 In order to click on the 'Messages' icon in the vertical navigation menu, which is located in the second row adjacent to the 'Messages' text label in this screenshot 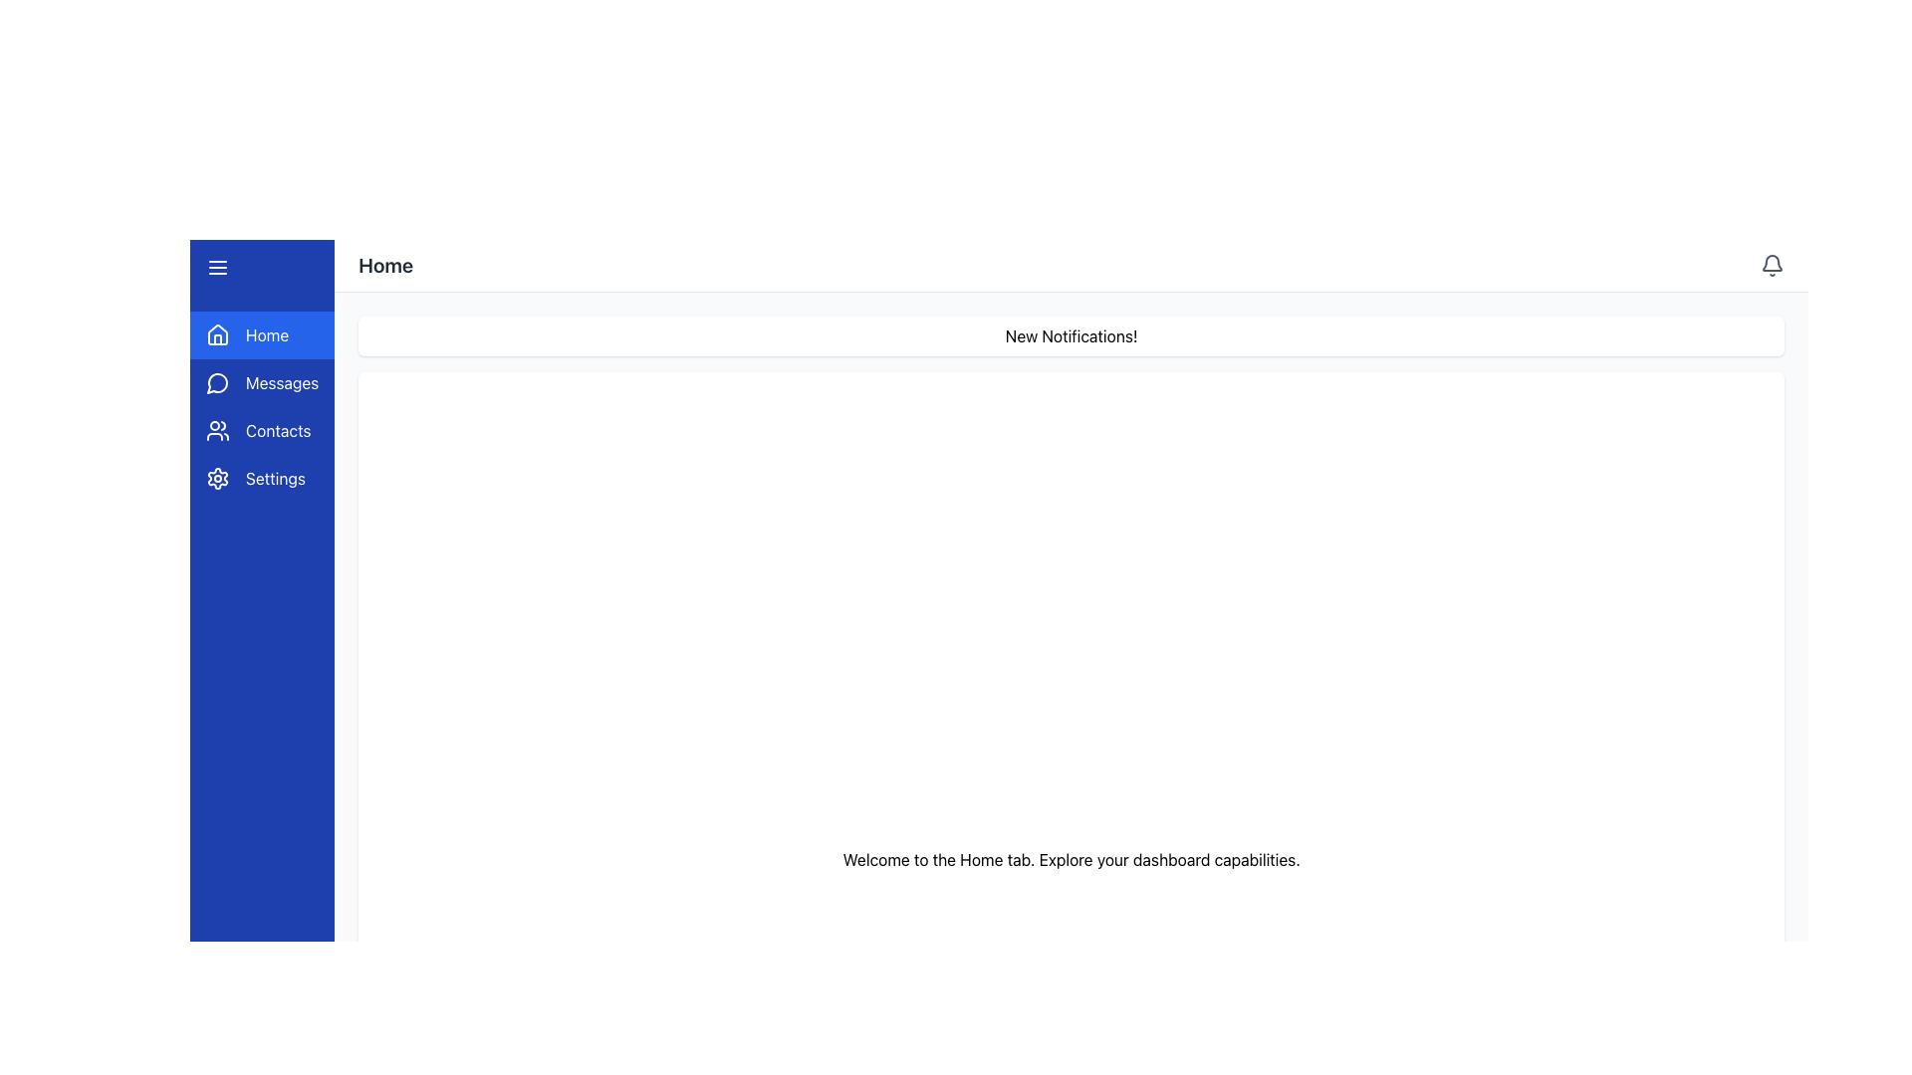, I will do `click(218, 383)`.